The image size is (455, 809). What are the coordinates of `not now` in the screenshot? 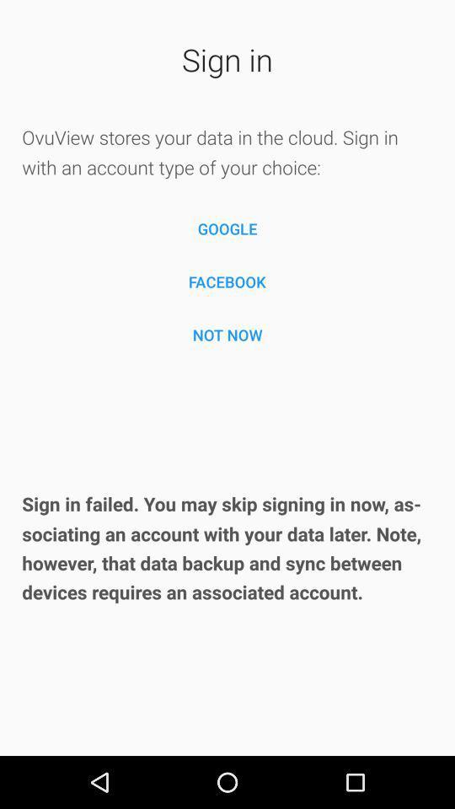 It's located at (227, 334).